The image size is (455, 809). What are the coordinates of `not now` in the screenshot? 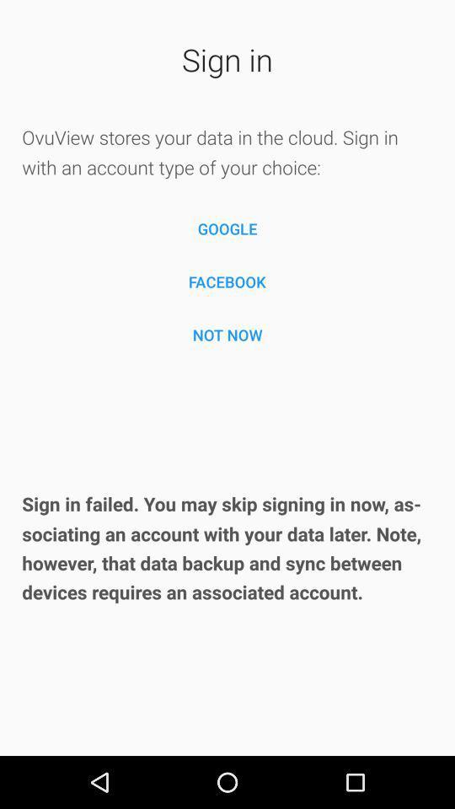 It's located at (227, 334).